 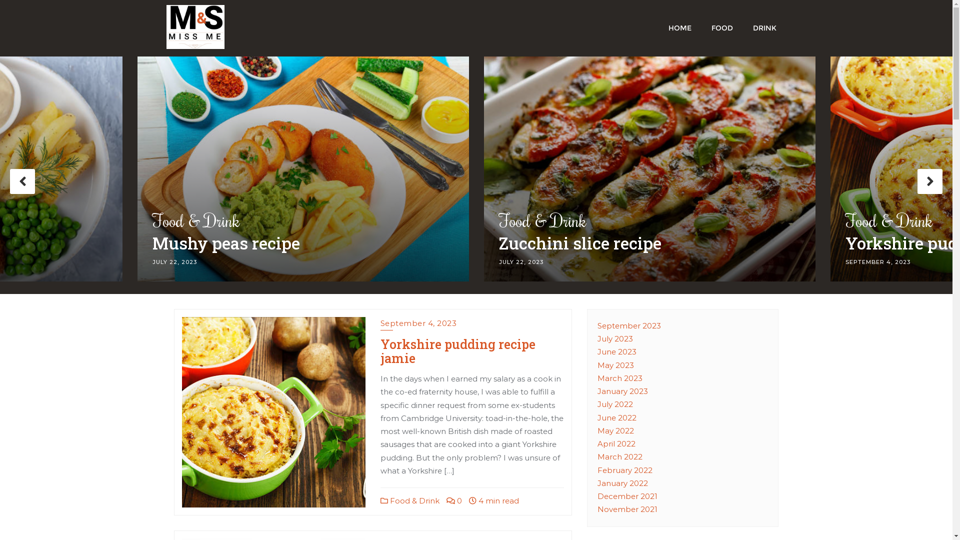 I want to click on 'February 2022', so click(x=624, y=470).